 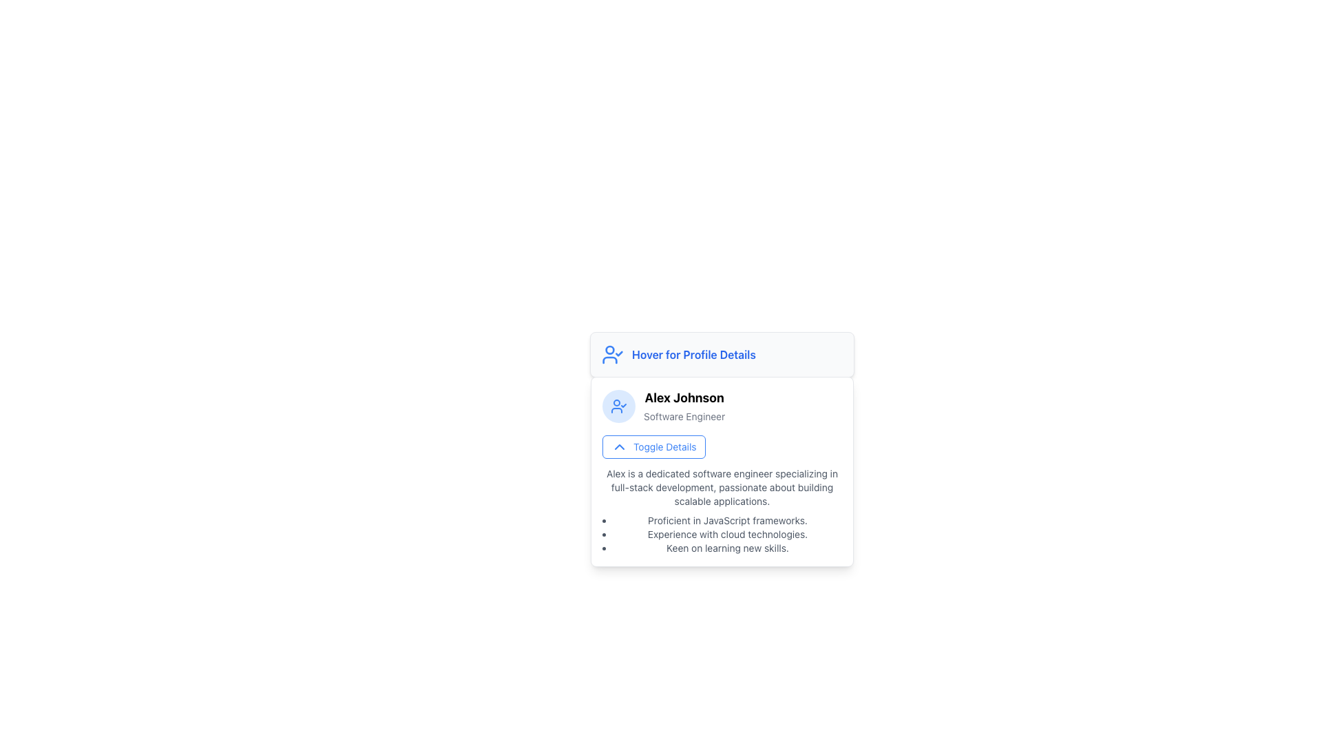 I want to click on the circular icon with a blue background and a white profile figure with a checkmark, located next to the text 'Alex Johnson', so click(x=618, y=406).